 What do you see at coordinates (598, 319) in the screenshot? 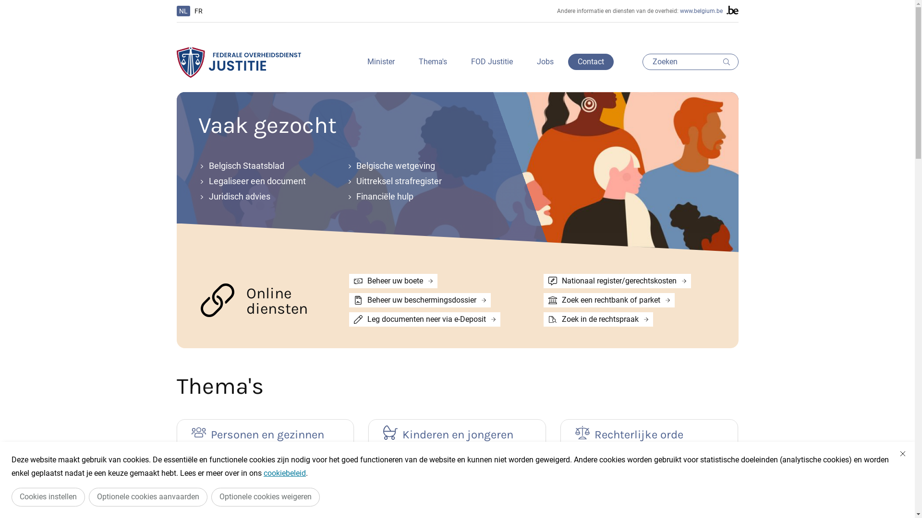
I see `'Zoek in de rechtspraak'` at bounding box center [598, 319].